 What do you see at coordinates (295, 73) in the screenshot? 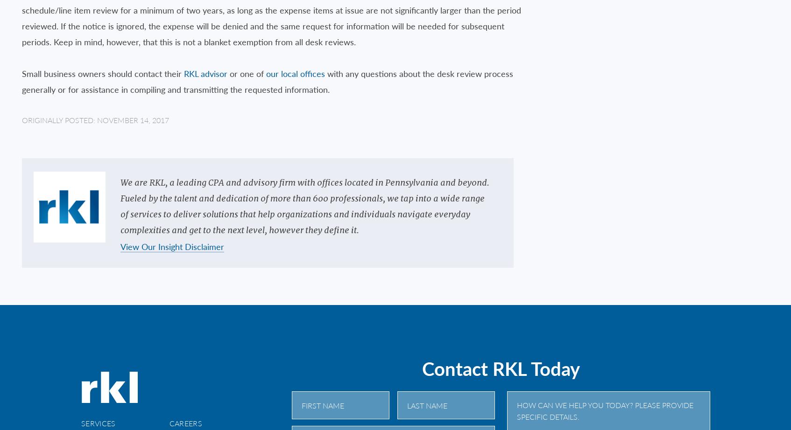
I see `'our local offices'` at bounding box center [295, 73].